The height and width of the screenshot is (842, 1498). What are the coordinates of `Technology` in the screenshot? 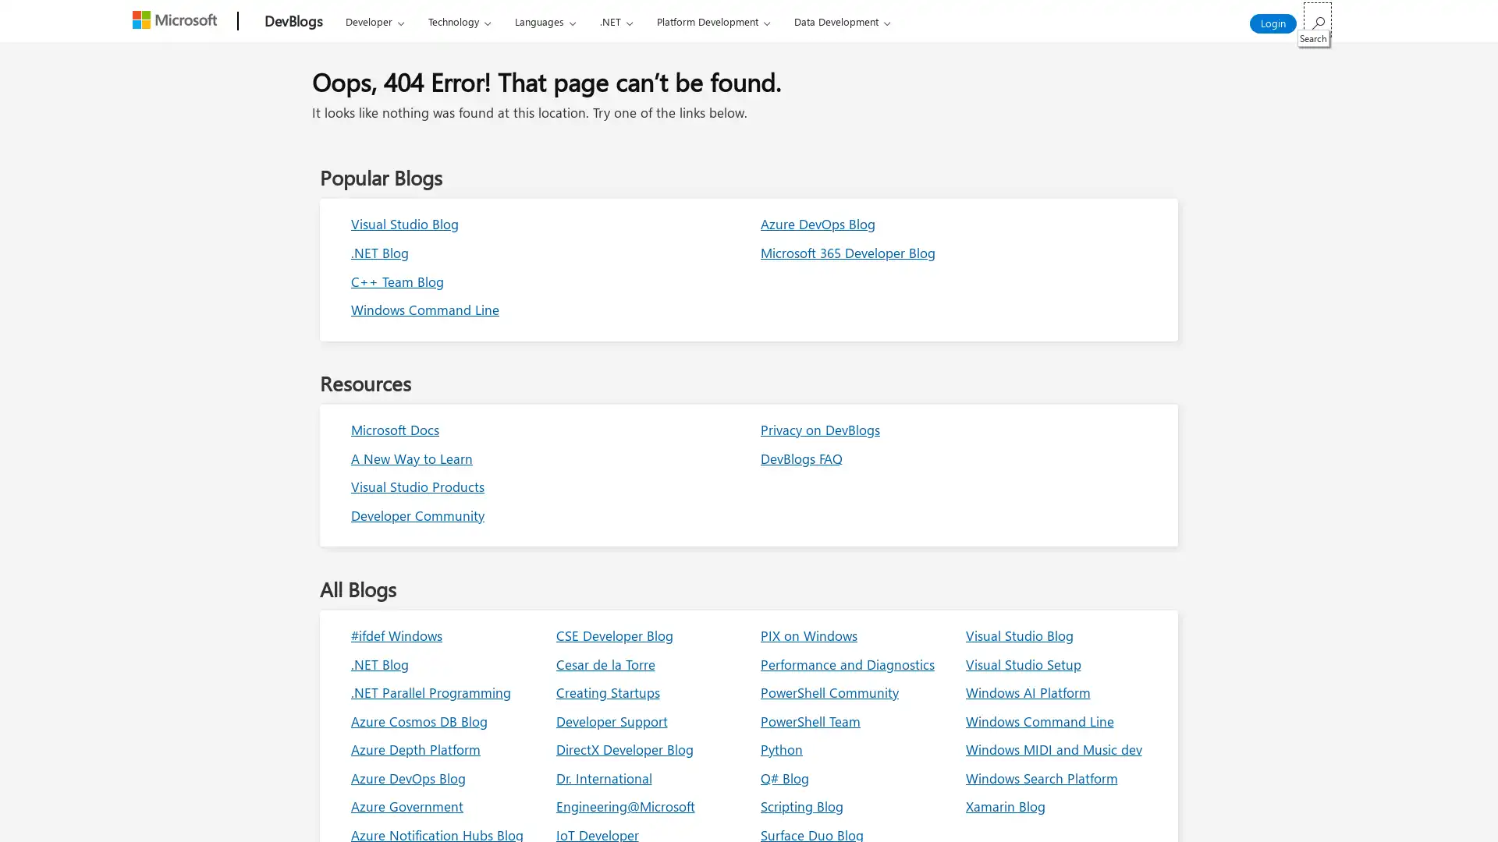 It's located at (458, 21).